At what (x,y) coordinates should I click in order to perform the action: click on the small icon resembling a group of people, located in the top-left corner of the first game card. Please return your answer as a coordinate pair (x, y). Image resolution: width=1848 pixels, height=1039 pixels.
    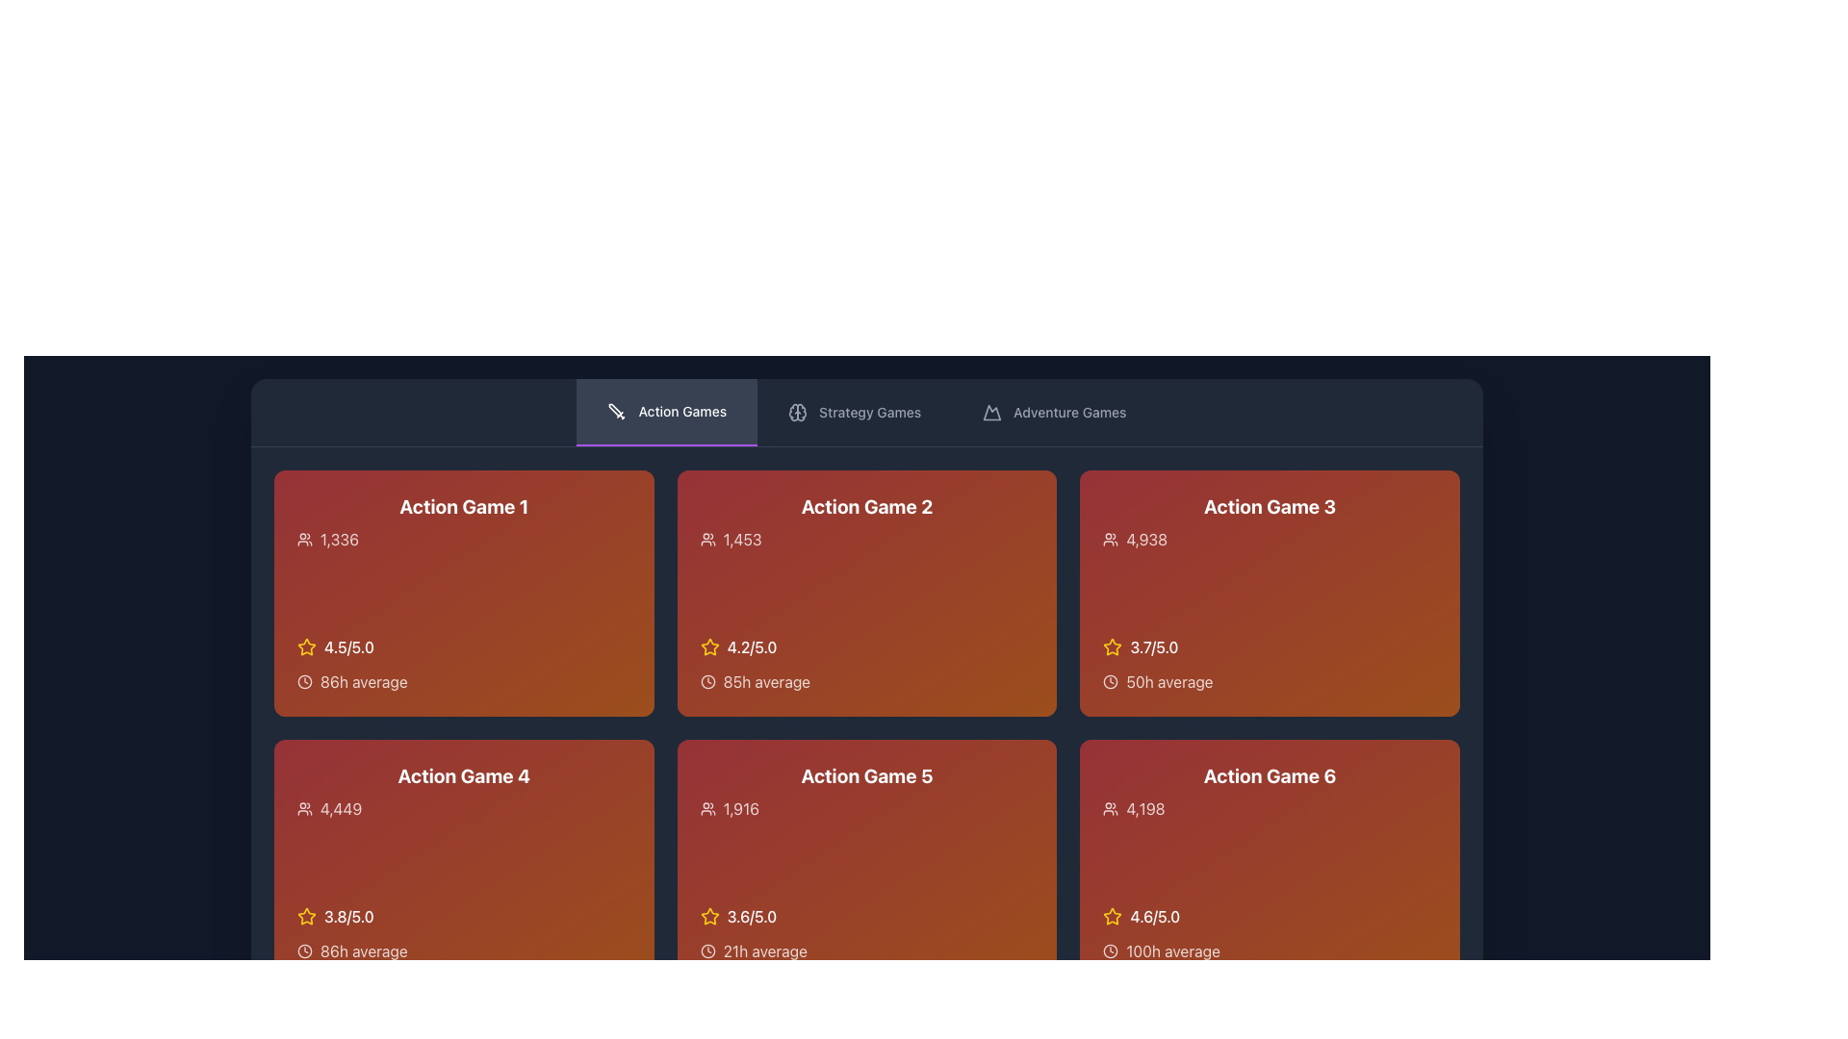
    Looking at the image, I should click on (303, 539).